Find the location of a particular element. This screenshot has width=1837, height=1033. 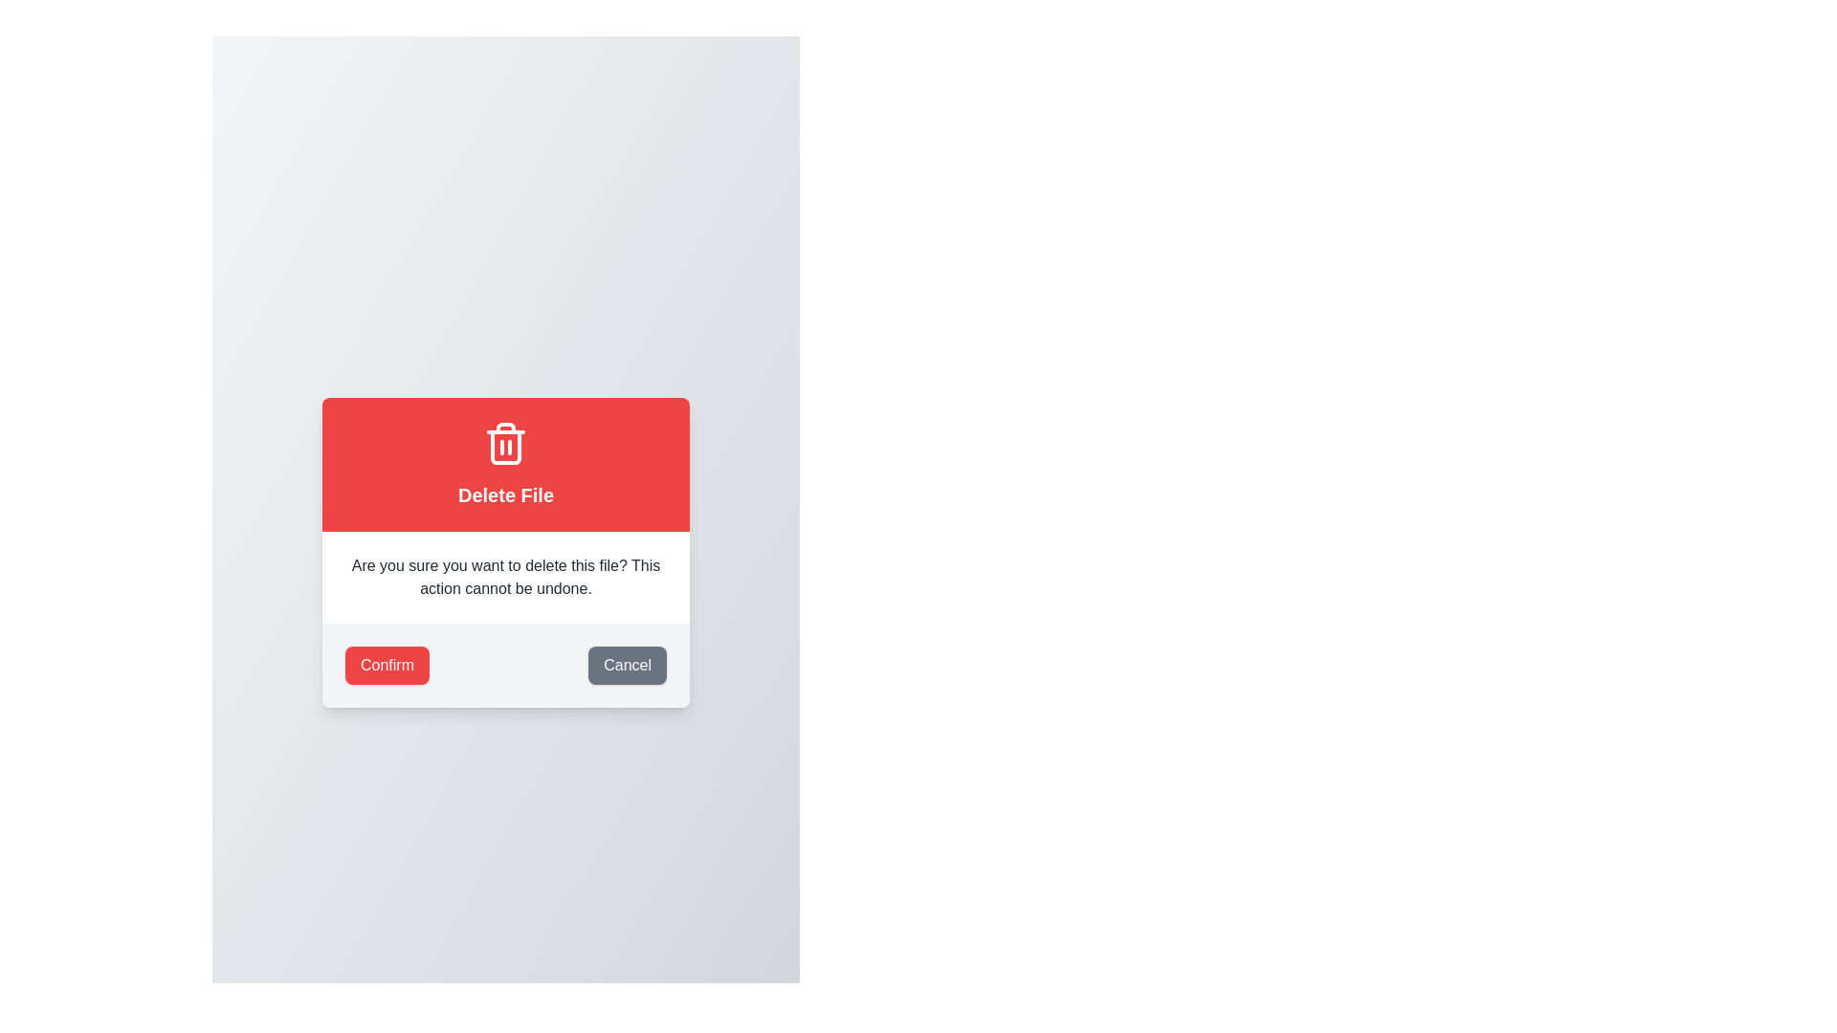

the text label that asks 'Are you sure you want to delete this file? This action cannot be undone.' located within the modal dialog box, positioned centrally below the title header 'Delete File' is located at coordinates (505, 577).